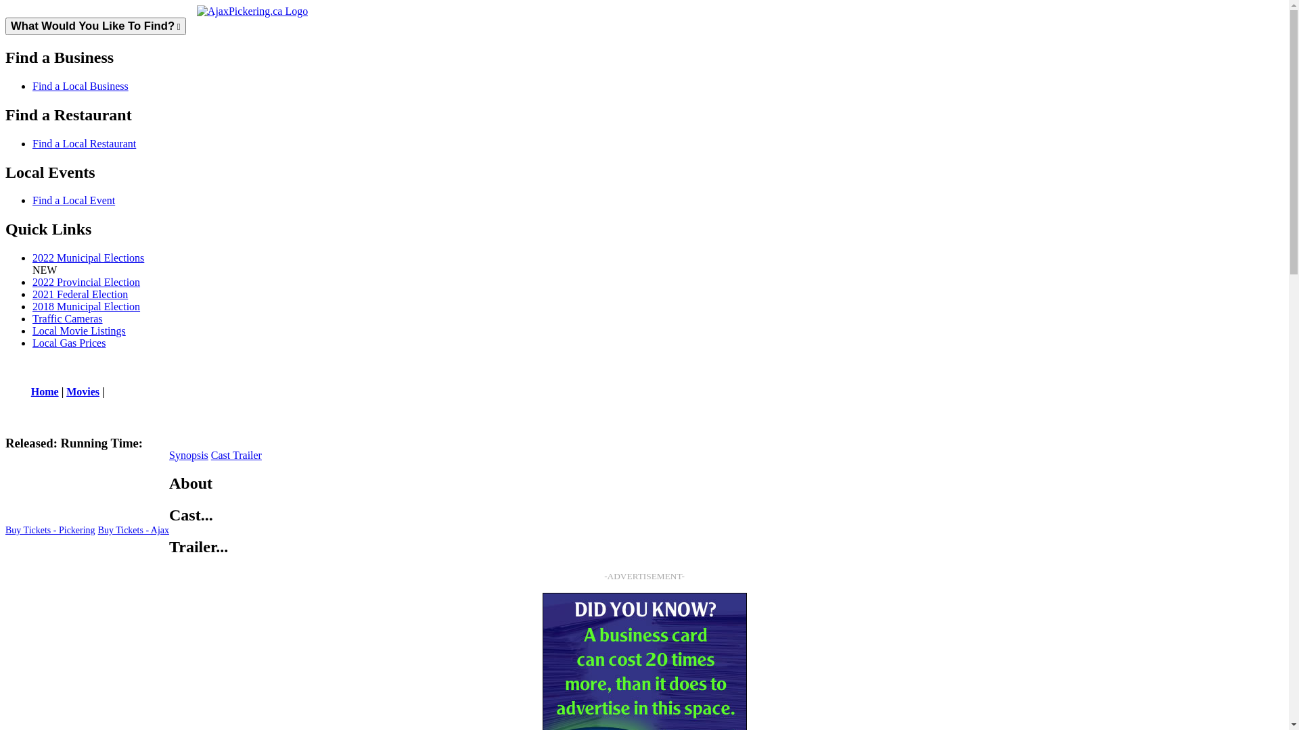  I want to click on 'Find a Local Restaurant', so click(32, 143).